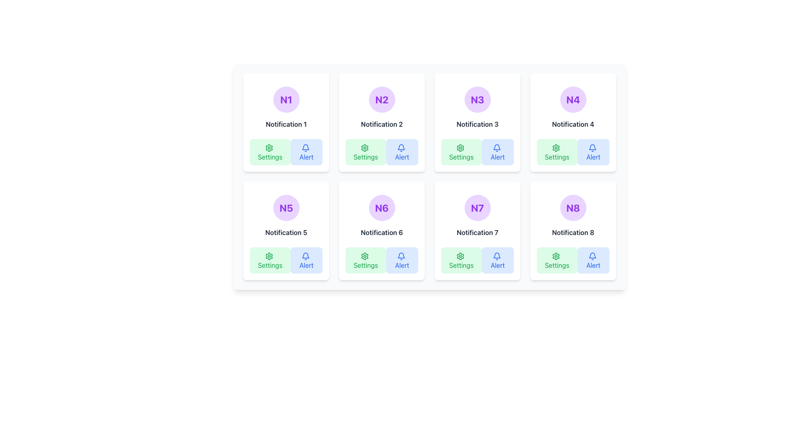 This screenshot has height=443, width=788. What do you see at coordinates (269, 256) in the screenshot?
I see `the 'Settings' icon located within the 'Settings' button of the 'Notification 5' widget` at bounding box center [269, 256].